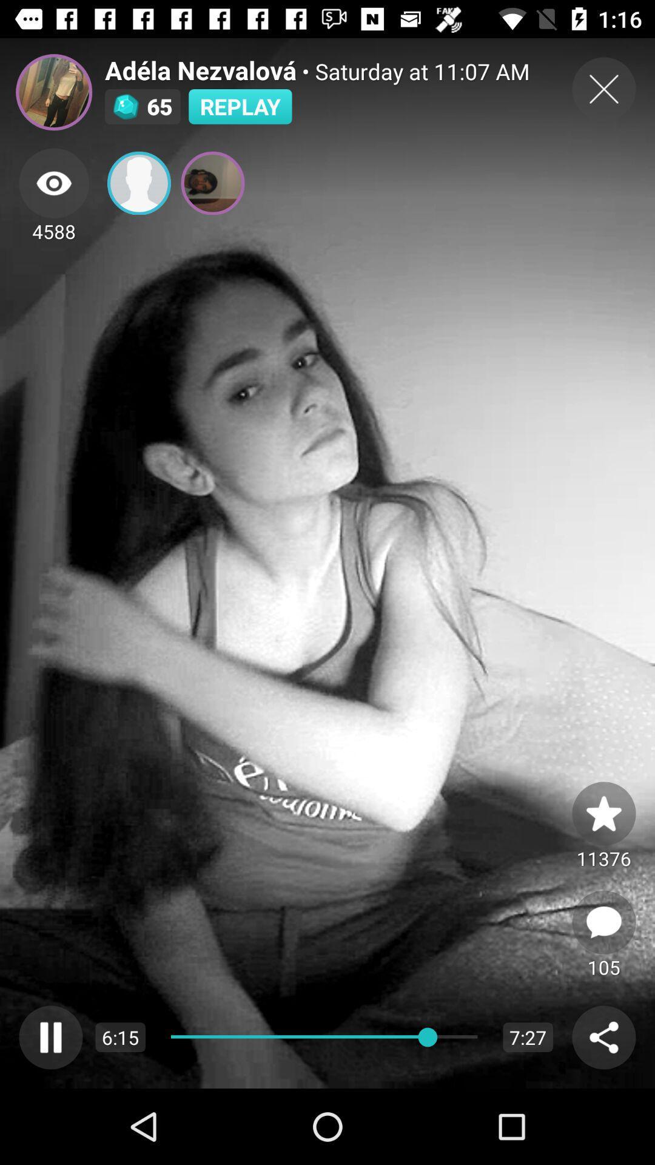 The height and width of the screenshot is (1165, 655). I want to click on eye icon option, so click(53, 183).